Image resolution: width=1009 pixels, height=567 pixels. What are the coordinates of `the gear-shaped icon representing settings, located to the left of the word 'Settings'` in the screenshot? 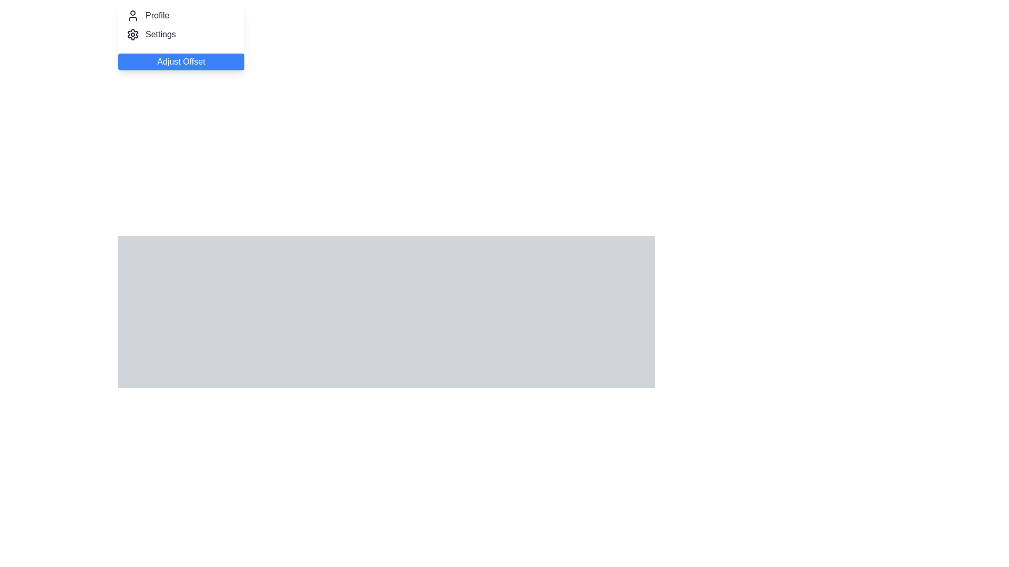 It's located at (132, 34).